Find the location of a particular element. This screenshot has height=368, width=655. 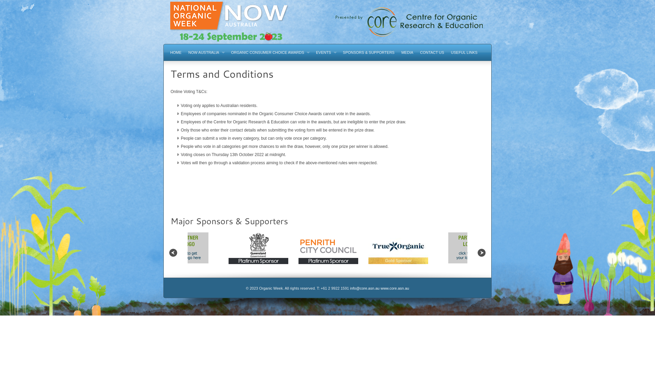

'SPONSORS & SUPPORTERS' is located at coordinates (368, 52).